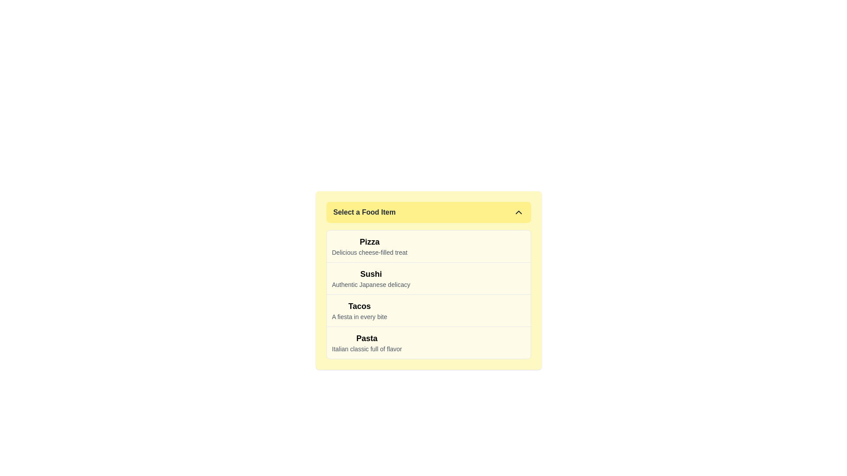  Describe the element at coordinates (371, 284) in the screenshot. I see `the text label 'Authentic Japanese delicacy' that is styled in a small-sized, gray font beneath the title 'Sushi' in the dropdown selection interface` at that location.